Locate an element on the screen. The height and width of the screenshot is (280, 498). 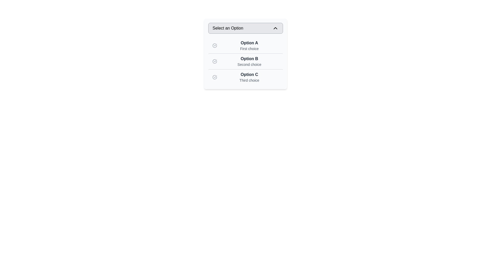
the static text label that provides additional information about 'Option A', located within the dropdown menu beneath the main heading of 'Option A' is located at coordinates (249, 49).